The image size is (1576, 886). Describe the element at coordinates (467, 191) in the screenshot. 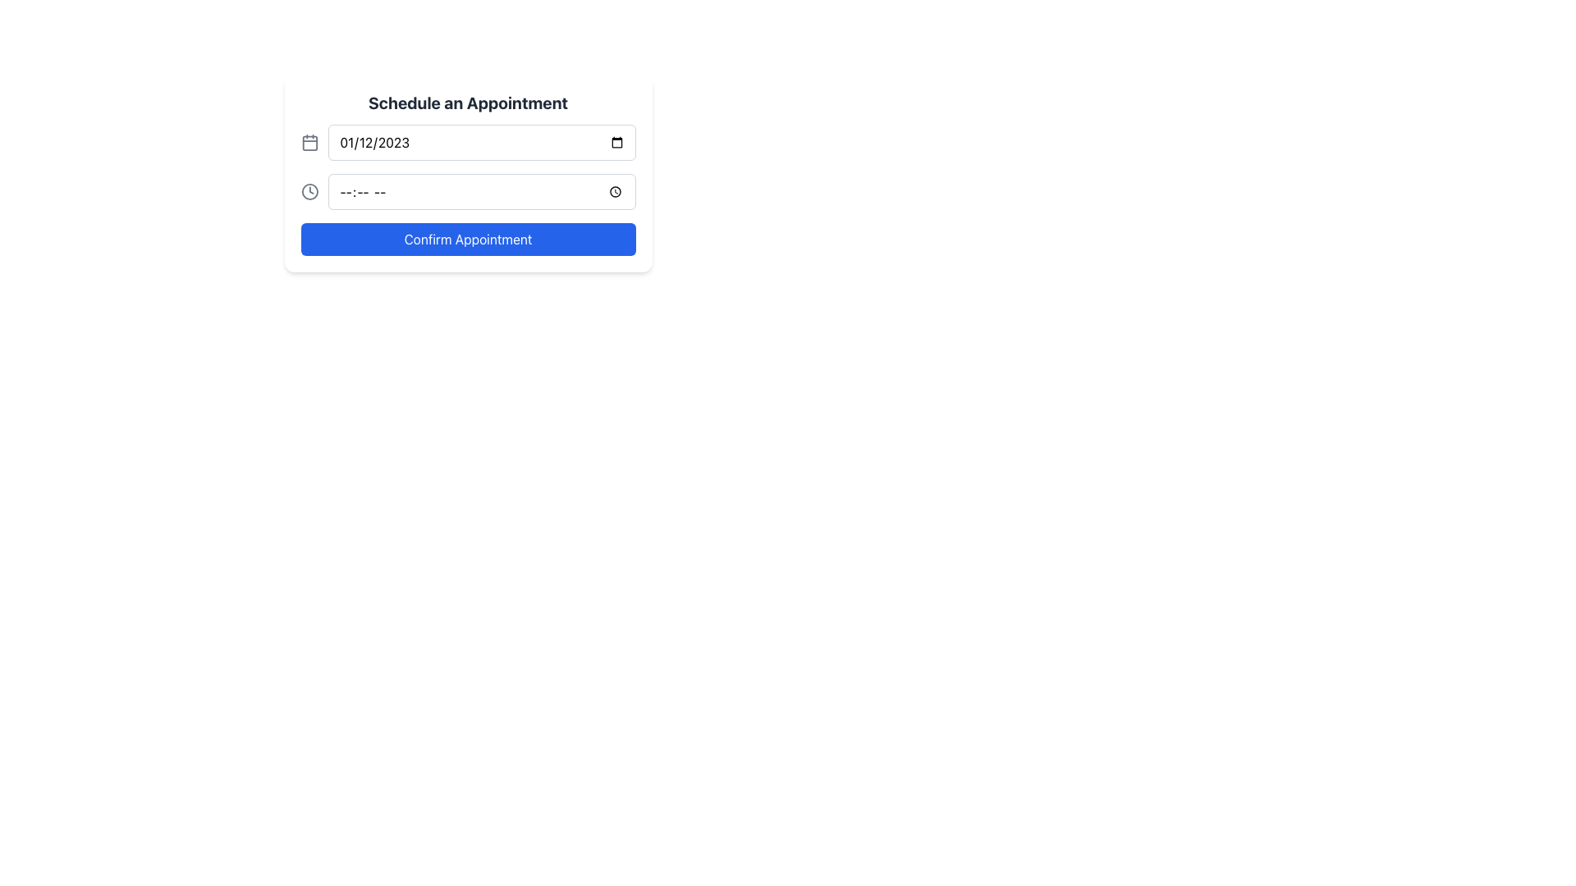

I see `the clock icons on the Time input component located in the 'Schedule an Appointment' form section` at that location.